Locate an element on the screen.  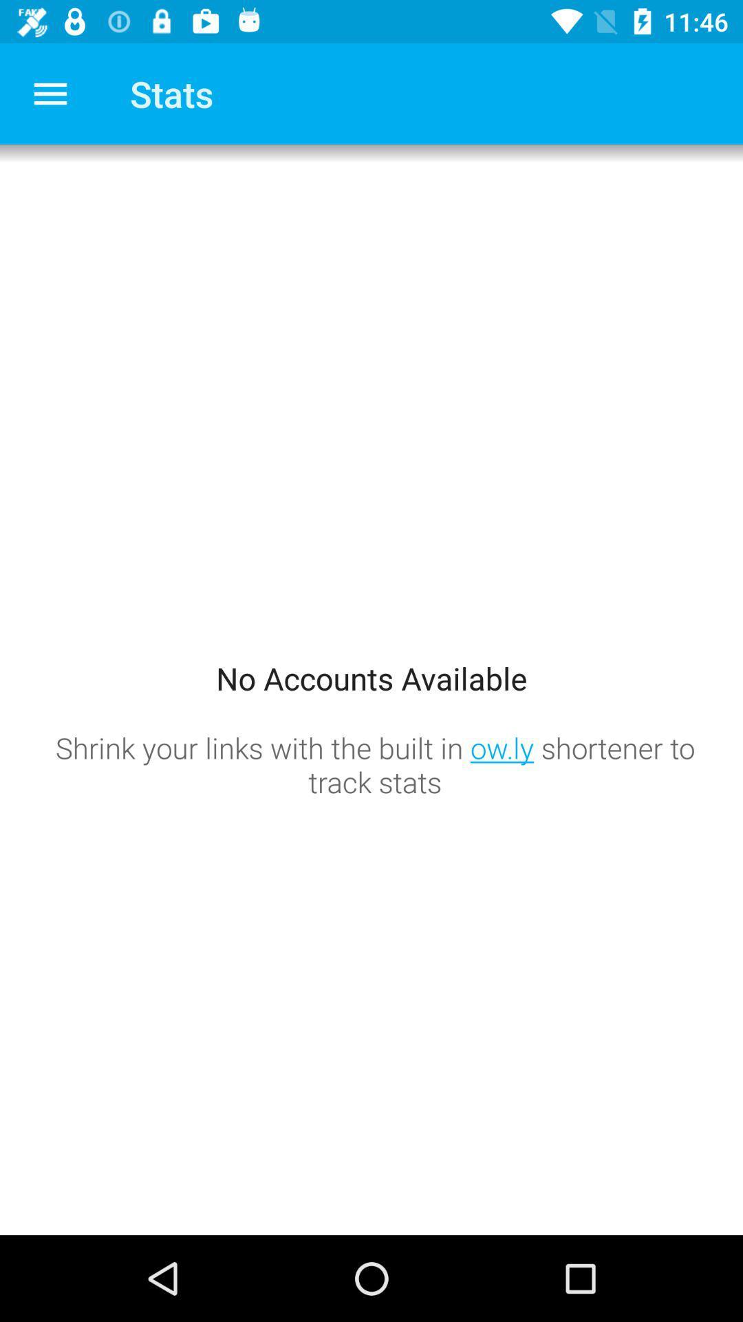
the shrink your links icon is located at coordinates (375, 764).